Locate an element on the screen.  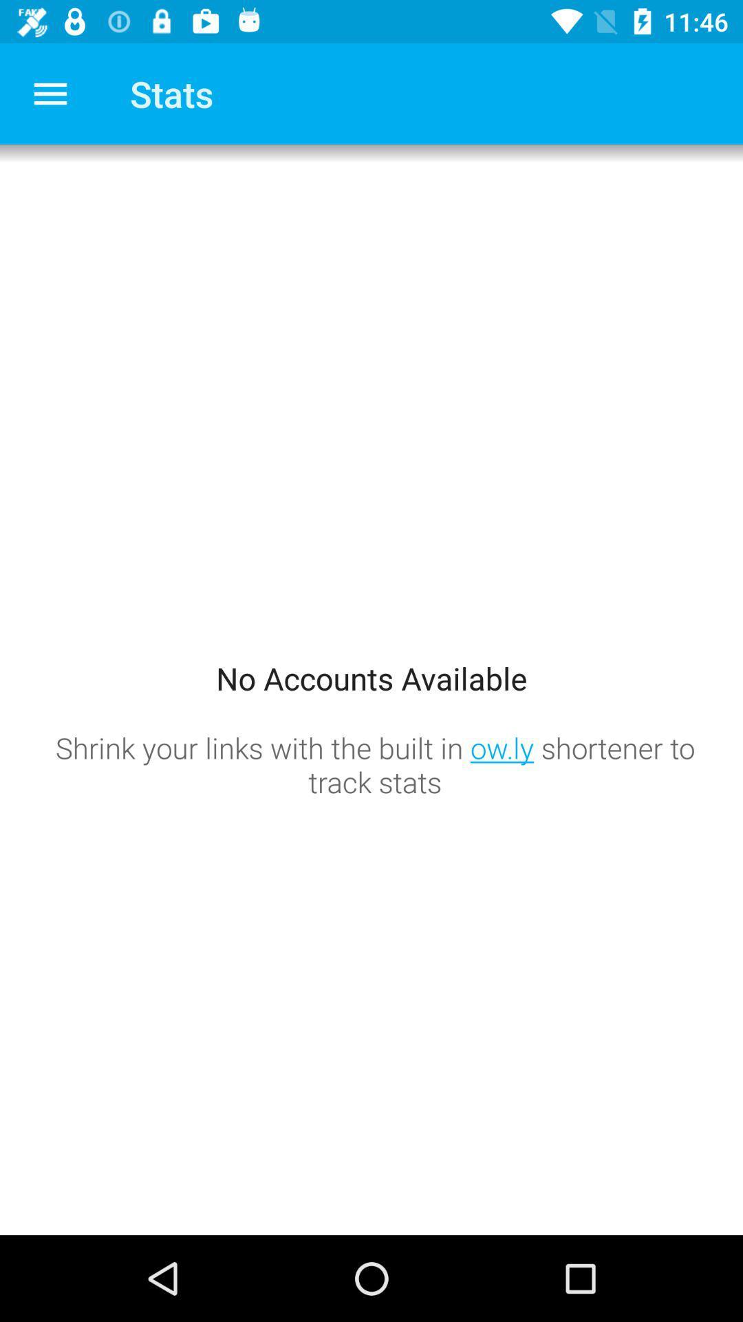
the shrink your links icon is located at coordinates (375, 764).